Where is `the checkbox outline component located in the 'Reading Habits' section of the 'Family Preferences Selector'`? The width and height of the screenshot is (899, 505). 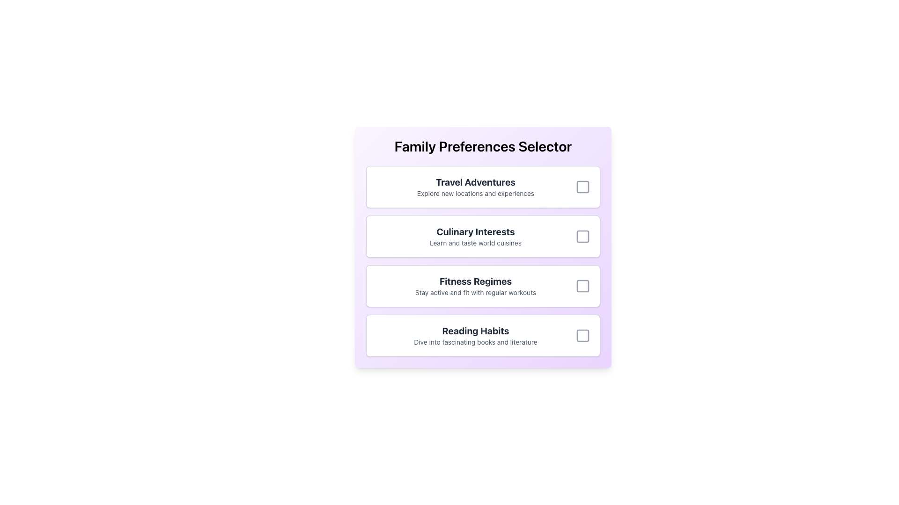 the checkbox outline component located in the 'Reading Habits' section of the 'Family Preferences Selector' is located at coordinates (582, 335).